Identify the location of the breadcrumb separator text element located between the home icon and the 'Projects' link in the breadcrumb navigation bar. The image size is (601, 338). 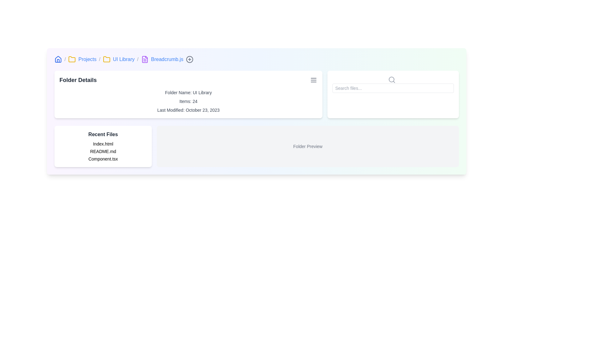
(65, 59).